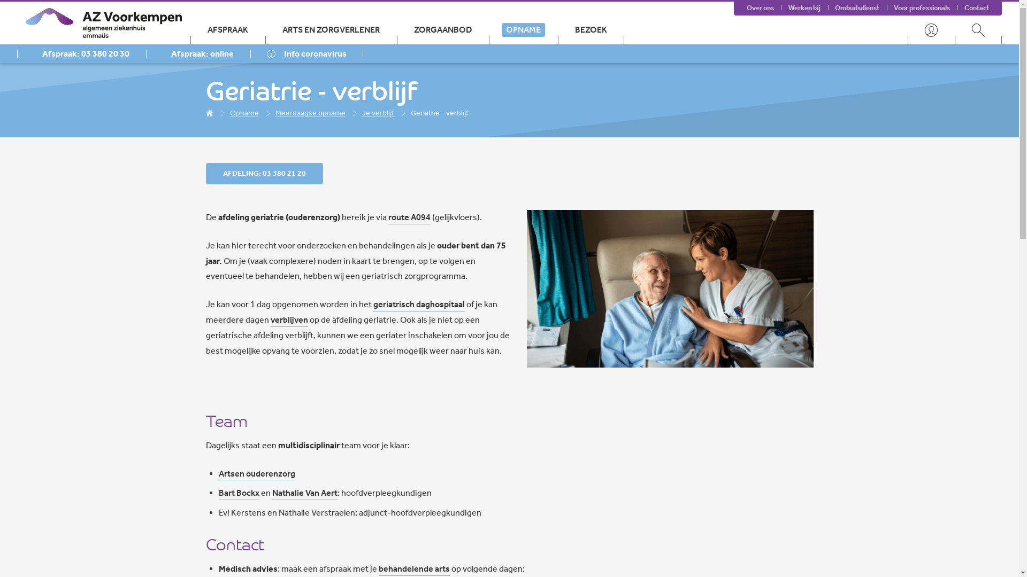  Describe the element at coordinates (304, 493) in the screenshot. I see `'Nathalie Van Aert'` at that location.